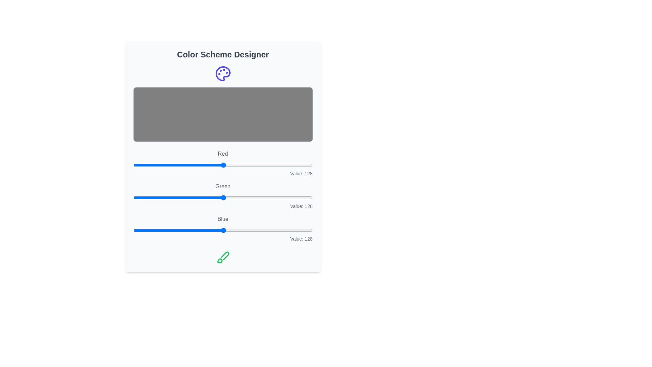 The image size is (652, 367). I want to click on the blue color value, so click(197, 230).